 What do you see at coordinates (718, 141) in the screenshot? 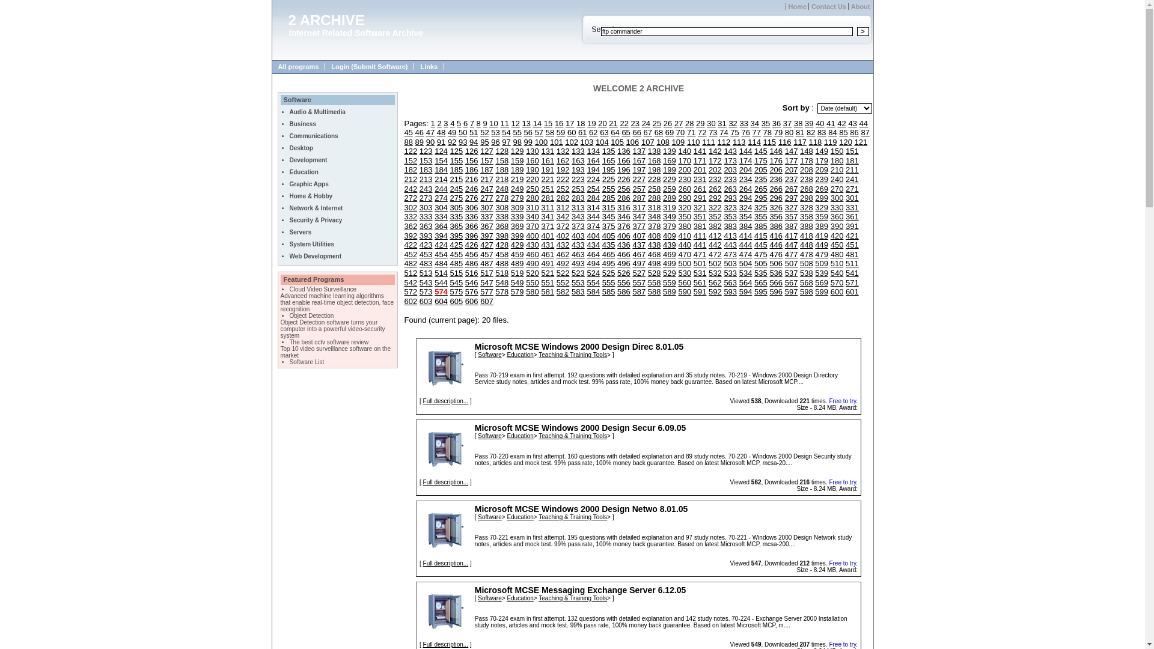
I see `'112'` at bounding box center [718, 141].